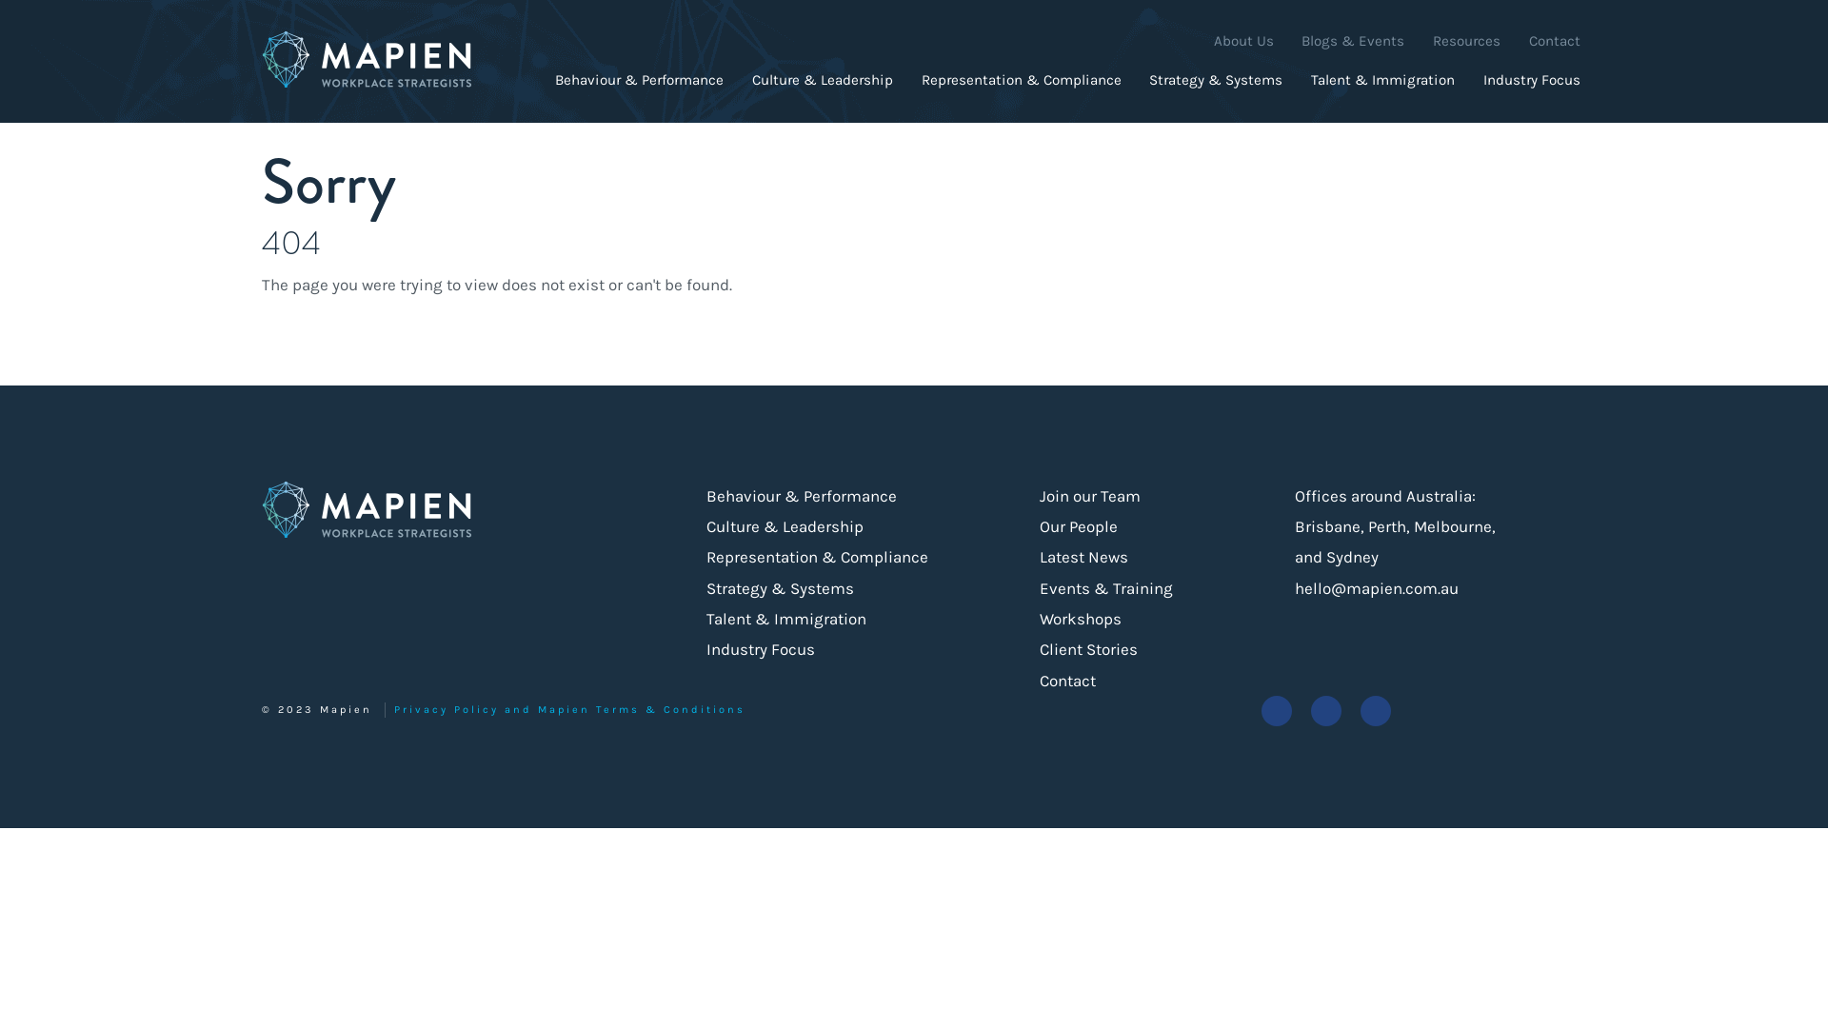  What do you see at coordinates (1242, 40) in the screenshot?
I see `'About Us'` at bounding box center [1242, 40].